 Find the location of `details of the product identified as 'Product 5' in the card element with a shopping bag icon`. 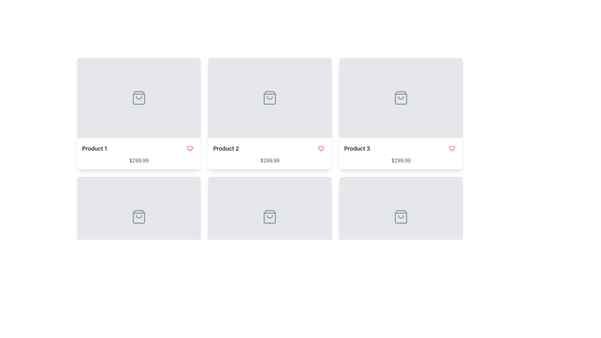

details of the product identified as 'Product 5' in the card element with a shopping bag icon is located at coordinates (270, 233).